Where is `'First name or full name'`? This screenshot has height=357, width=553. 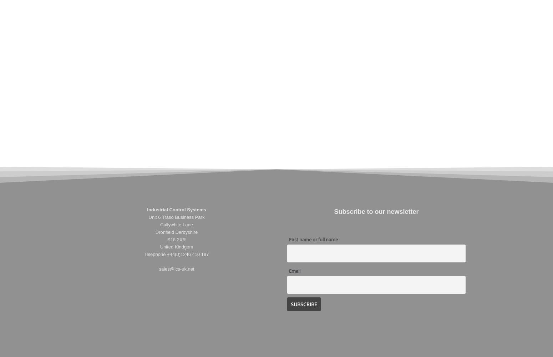
'First name or full name' is located at coordinates (289, 239).